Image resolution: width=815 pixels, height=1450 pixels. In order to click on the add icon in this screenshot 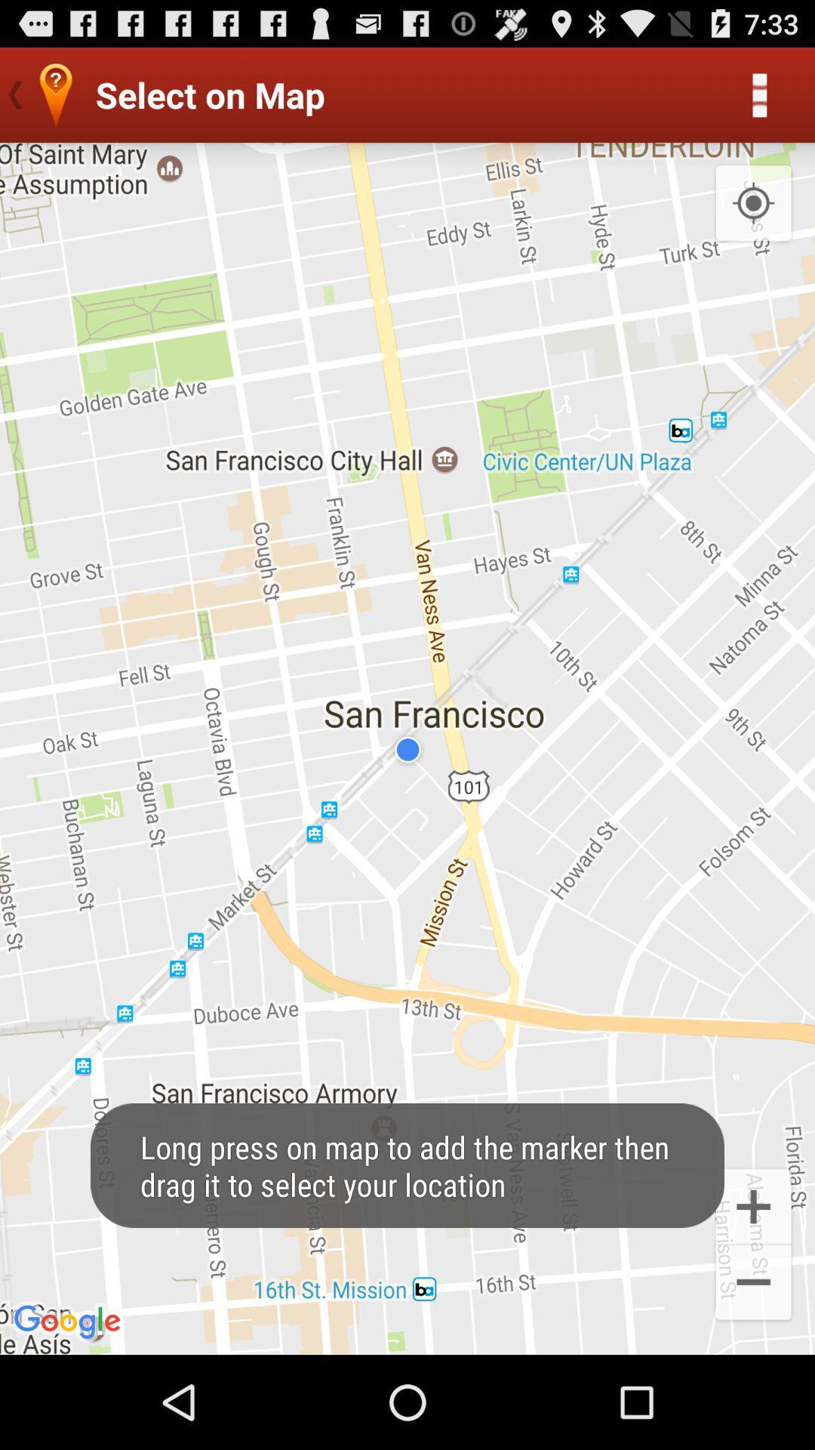, I will do `click(753, 1289)`.